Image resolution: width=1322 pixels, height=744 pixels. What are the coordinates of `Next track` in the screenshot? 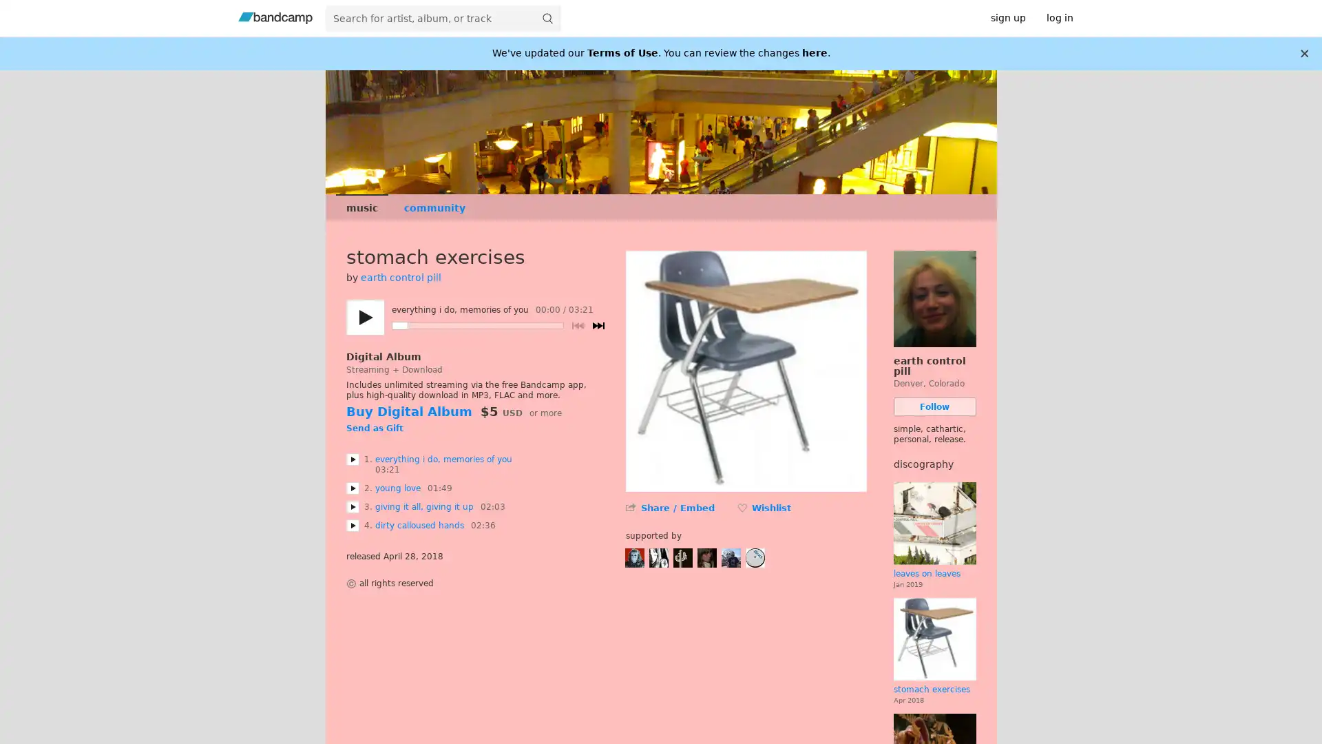 It's located at (598, 326).